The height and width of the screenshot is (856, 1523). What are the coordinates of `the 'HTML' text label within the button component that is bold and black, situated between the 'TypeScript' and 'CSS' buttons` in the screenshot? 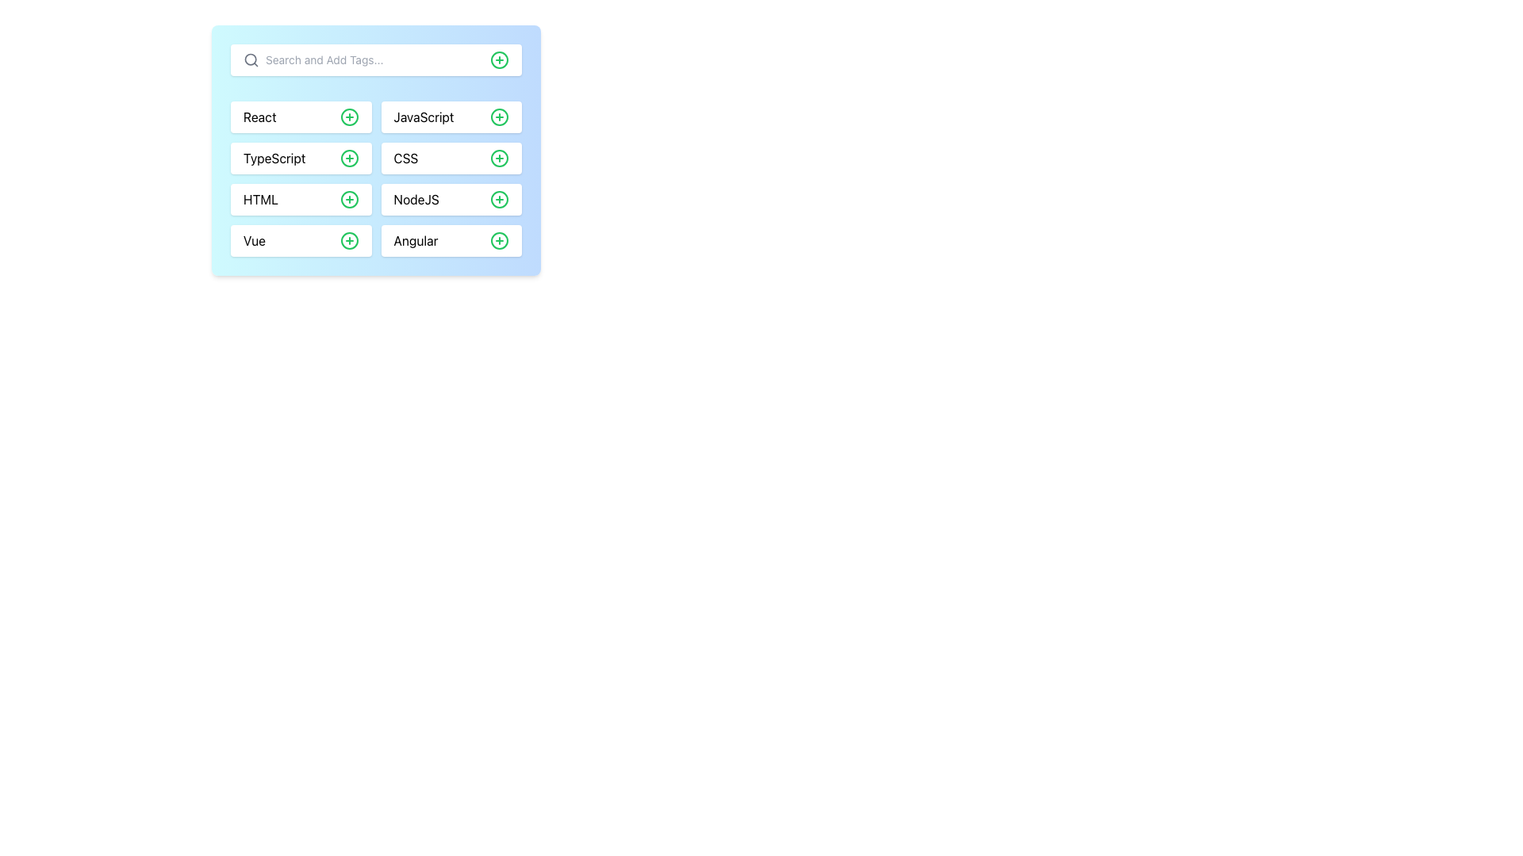 It's located at (260, 198).